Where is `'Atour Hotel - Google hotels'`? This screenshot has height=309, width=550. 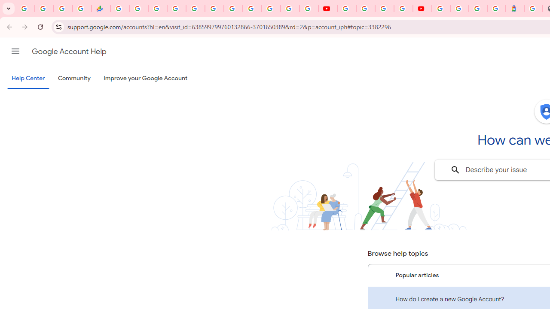
'Atour Hotel - Google hotels' is located at coordinates (515, 9).